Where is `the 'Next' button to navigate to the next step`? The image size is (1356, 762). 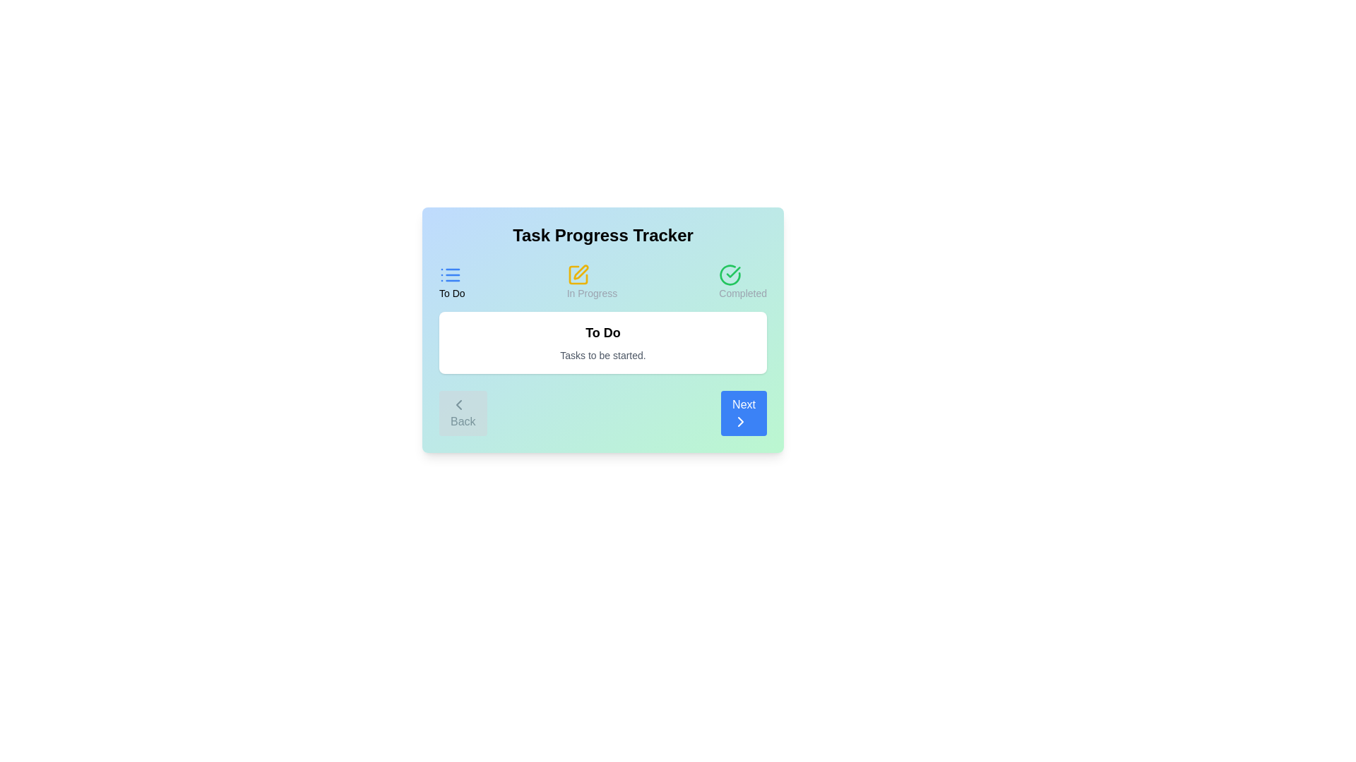 the 'Next' button to navigate to the next step is located at coordinates (742, 413).